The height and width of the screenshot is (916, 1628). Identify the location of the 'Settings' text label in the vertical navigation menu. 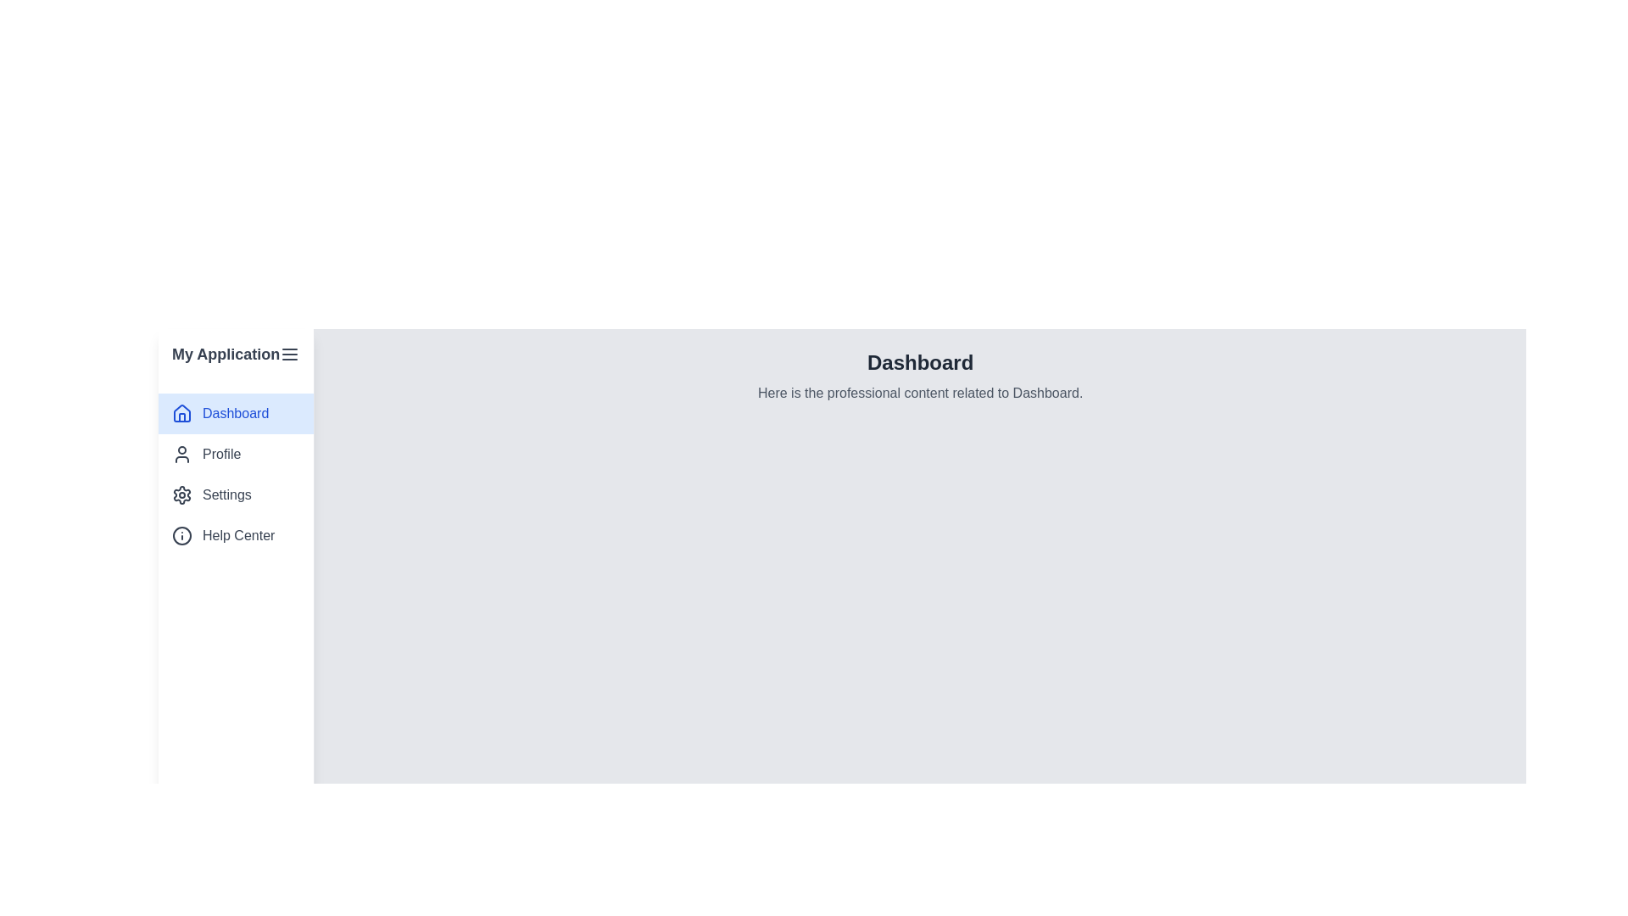
(226, 494).